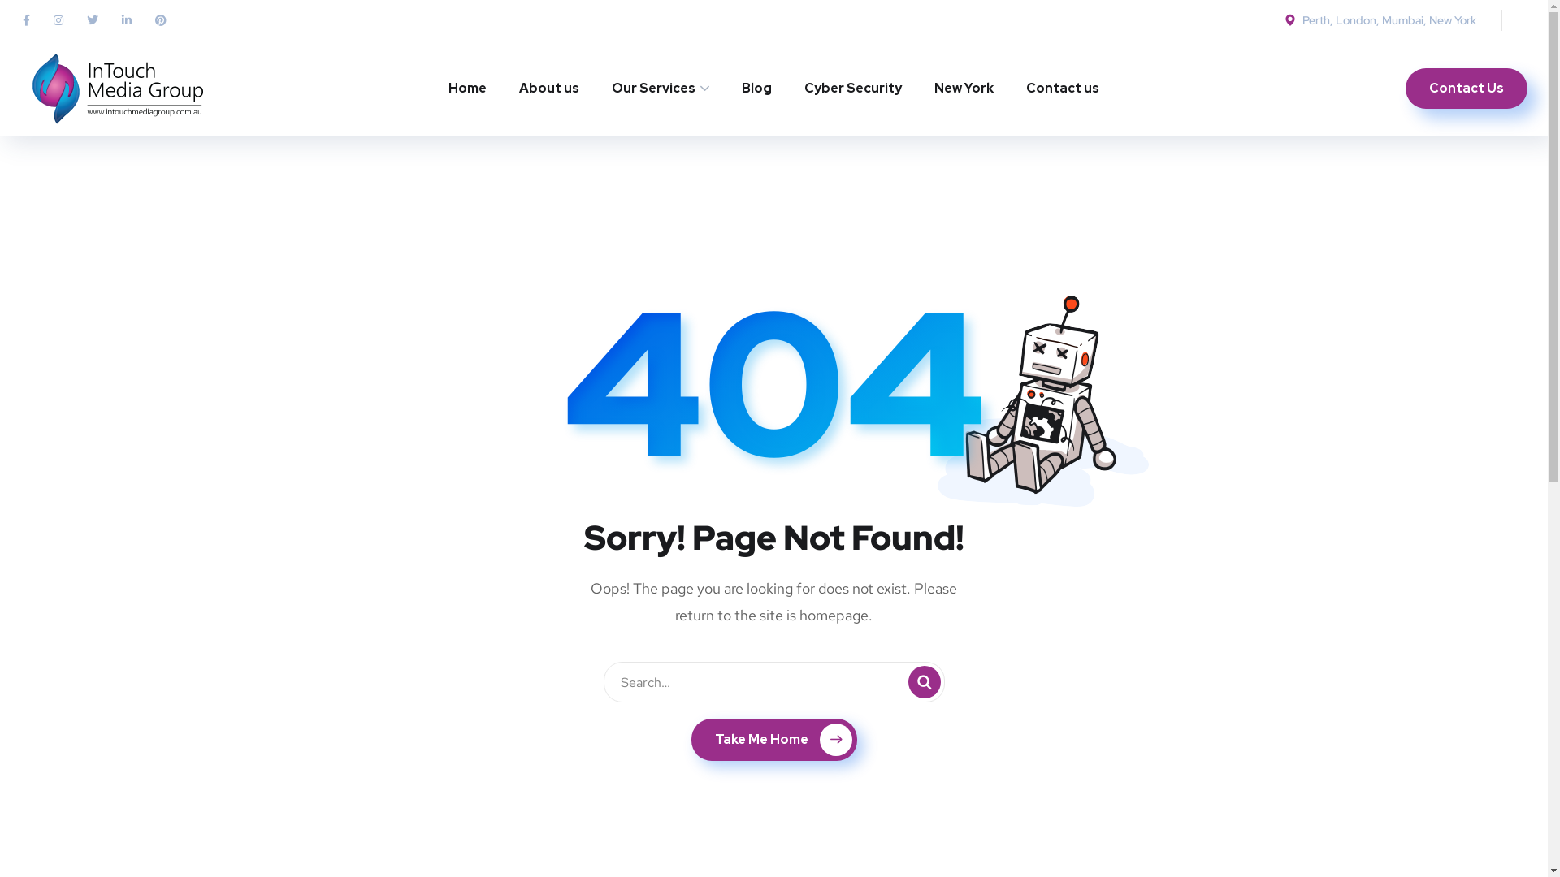 The height and width of the screenshot is (877, 1560). I want to click on 'New York', so click(964, 88).